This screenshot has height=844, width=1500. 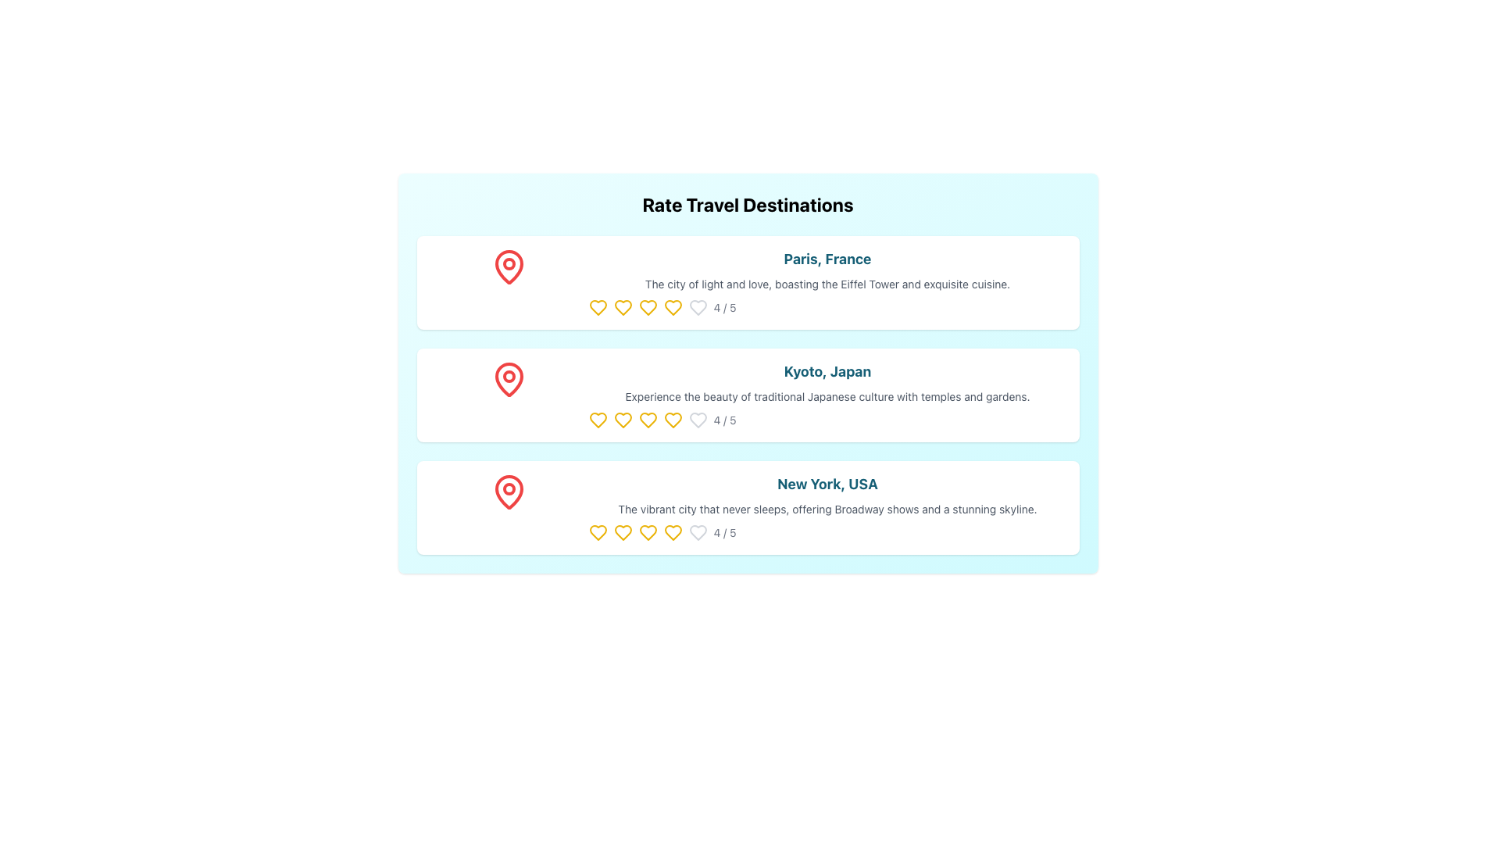 What do you see at coordinates (597, 307) in the screenshot?
I see `the first heart icon in the row of rating hearts for 'Paris, France'` at bounding box center [597, 307].